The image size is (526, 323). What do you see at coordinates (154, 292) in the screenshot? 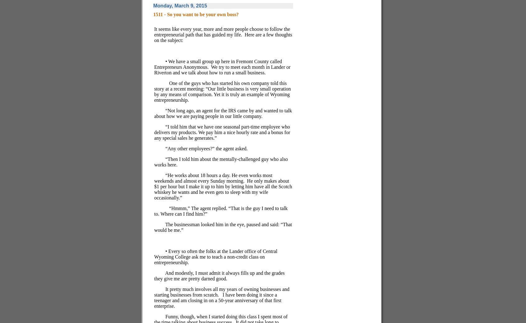
I see `'It pretty much
involves all my years of owning businesses and starting businesses from
scratch.'` at bounding box center [154, 292].